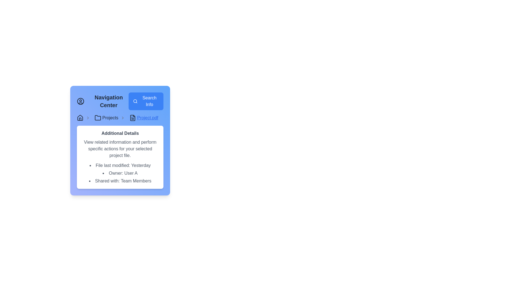 Image resolution: width=531 pixels, height=299 pixels. What do you see at coordinates (110, 117) in the screenshot?
I see `the 'Projects' text label in the breadcrumb navigation, which is the second item next to a folder icon and a right chevron icon` at bounding box center [110, 117].